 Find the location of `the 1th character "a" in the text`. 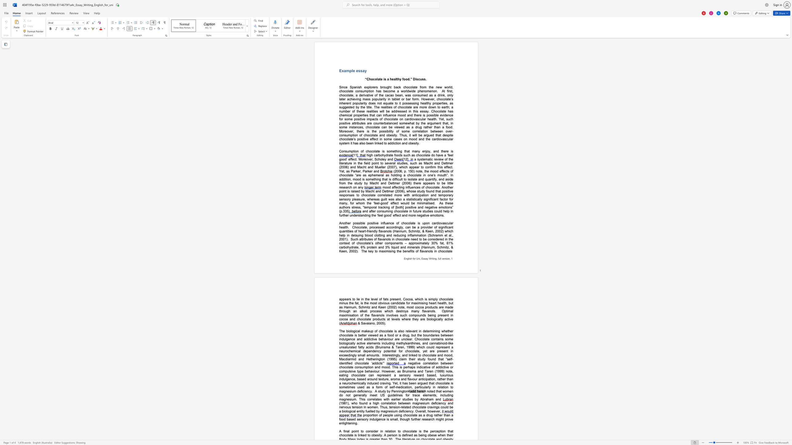

the 1th character "a" in the text is located at coordinates (413, 123).